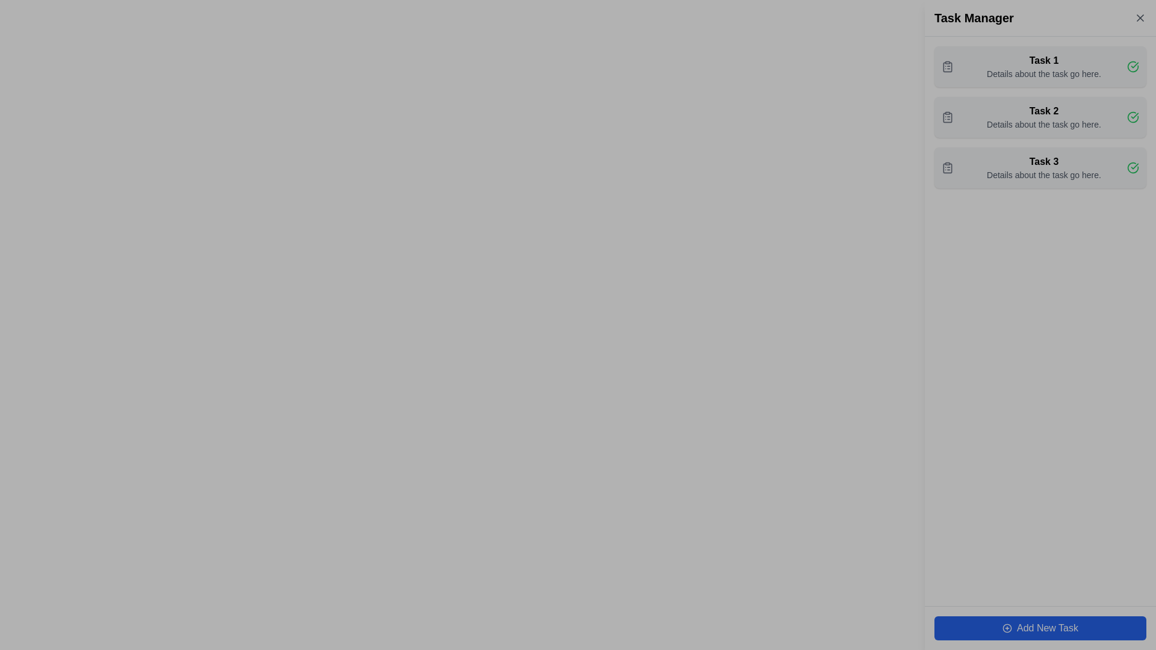  Describe the element at coordinates (1043, 167) in the screenshot. I see `the Text Block element displaying 'Task 3' which is styled with a light gray background and contains descriptive text about the task` at that location.